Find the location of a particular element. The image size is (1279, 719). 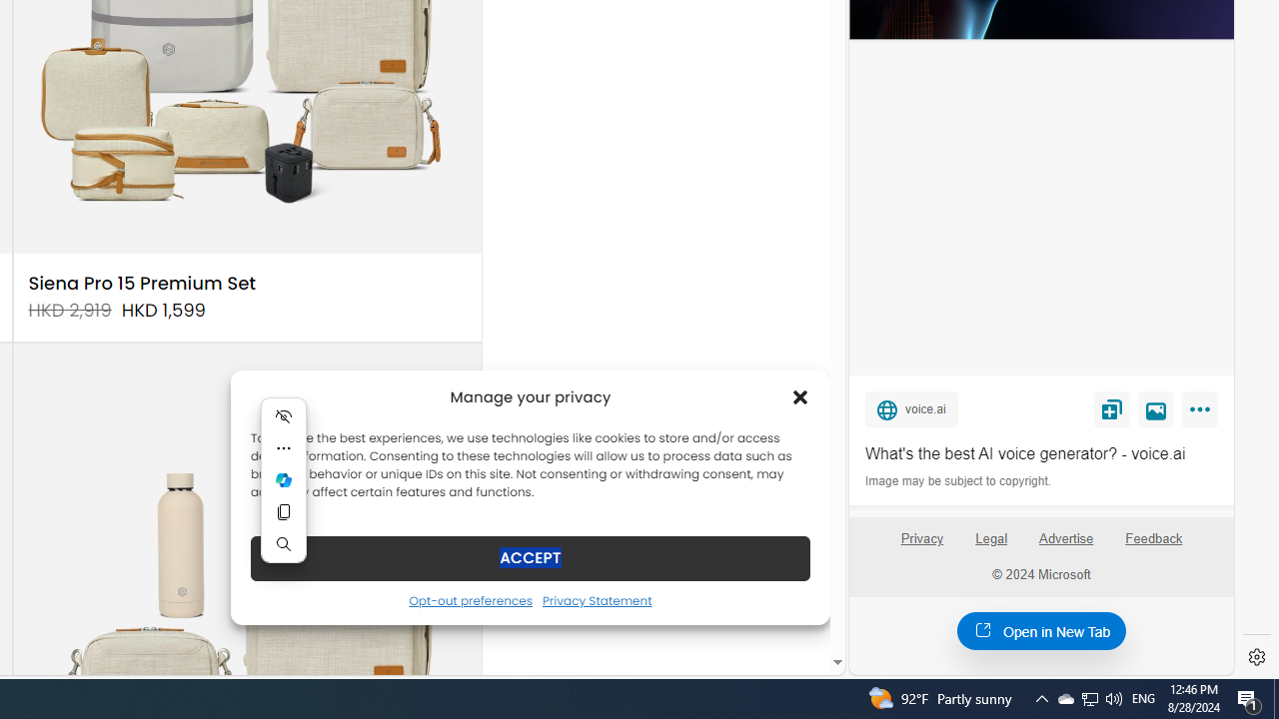

'Legal' is located at coordinates (991, 546).